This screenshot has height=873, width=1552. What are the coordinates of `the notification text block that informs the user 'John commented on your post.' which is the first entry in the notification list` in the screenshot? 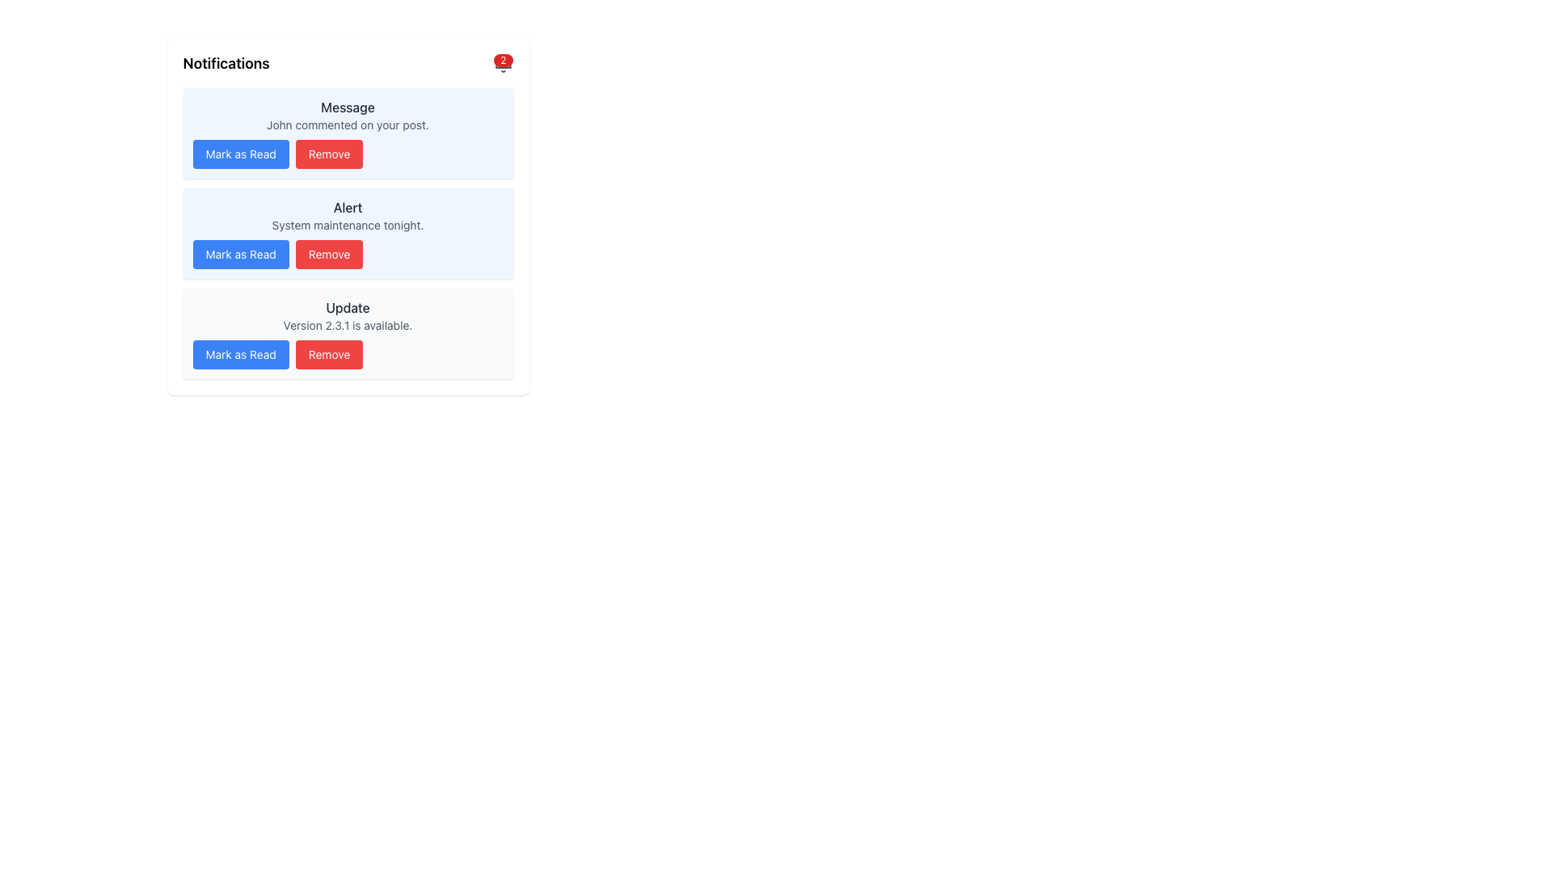 It's located at (347, 114).